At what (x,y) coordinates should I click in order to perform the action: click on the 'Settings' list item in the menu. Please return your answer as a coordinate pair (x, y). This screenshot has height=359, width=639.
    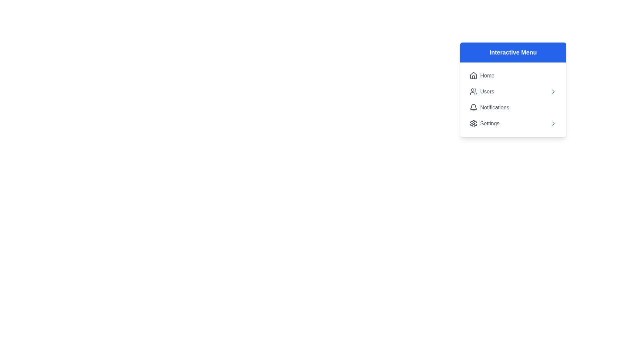
    Looking at the image, I should click on (513, 123).